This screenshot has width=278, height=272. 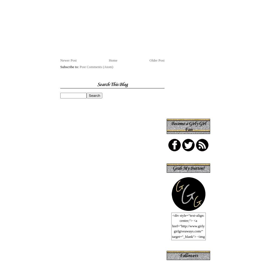 What do you see at coordinates (68, 60) in the screenshot?
I see `'Newer Post'` at bounding box center [68, 60].